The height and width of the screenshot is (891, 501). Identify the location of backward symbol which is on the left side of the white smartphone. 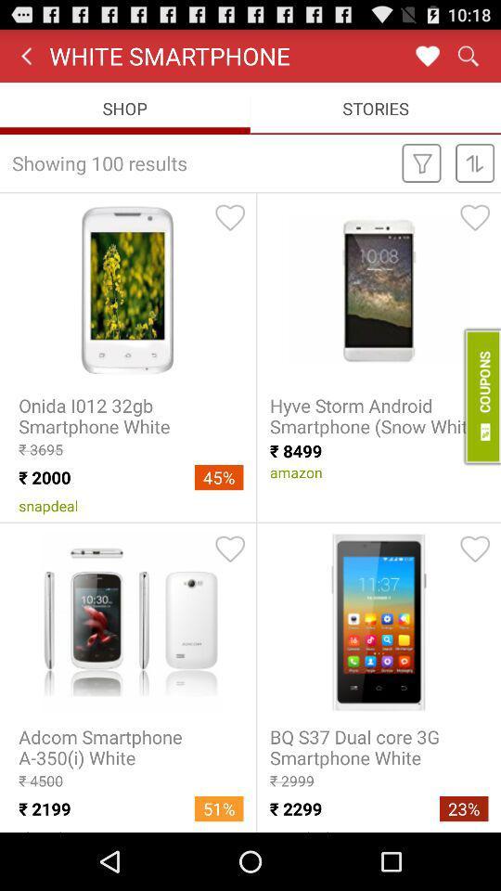
(25, 55).